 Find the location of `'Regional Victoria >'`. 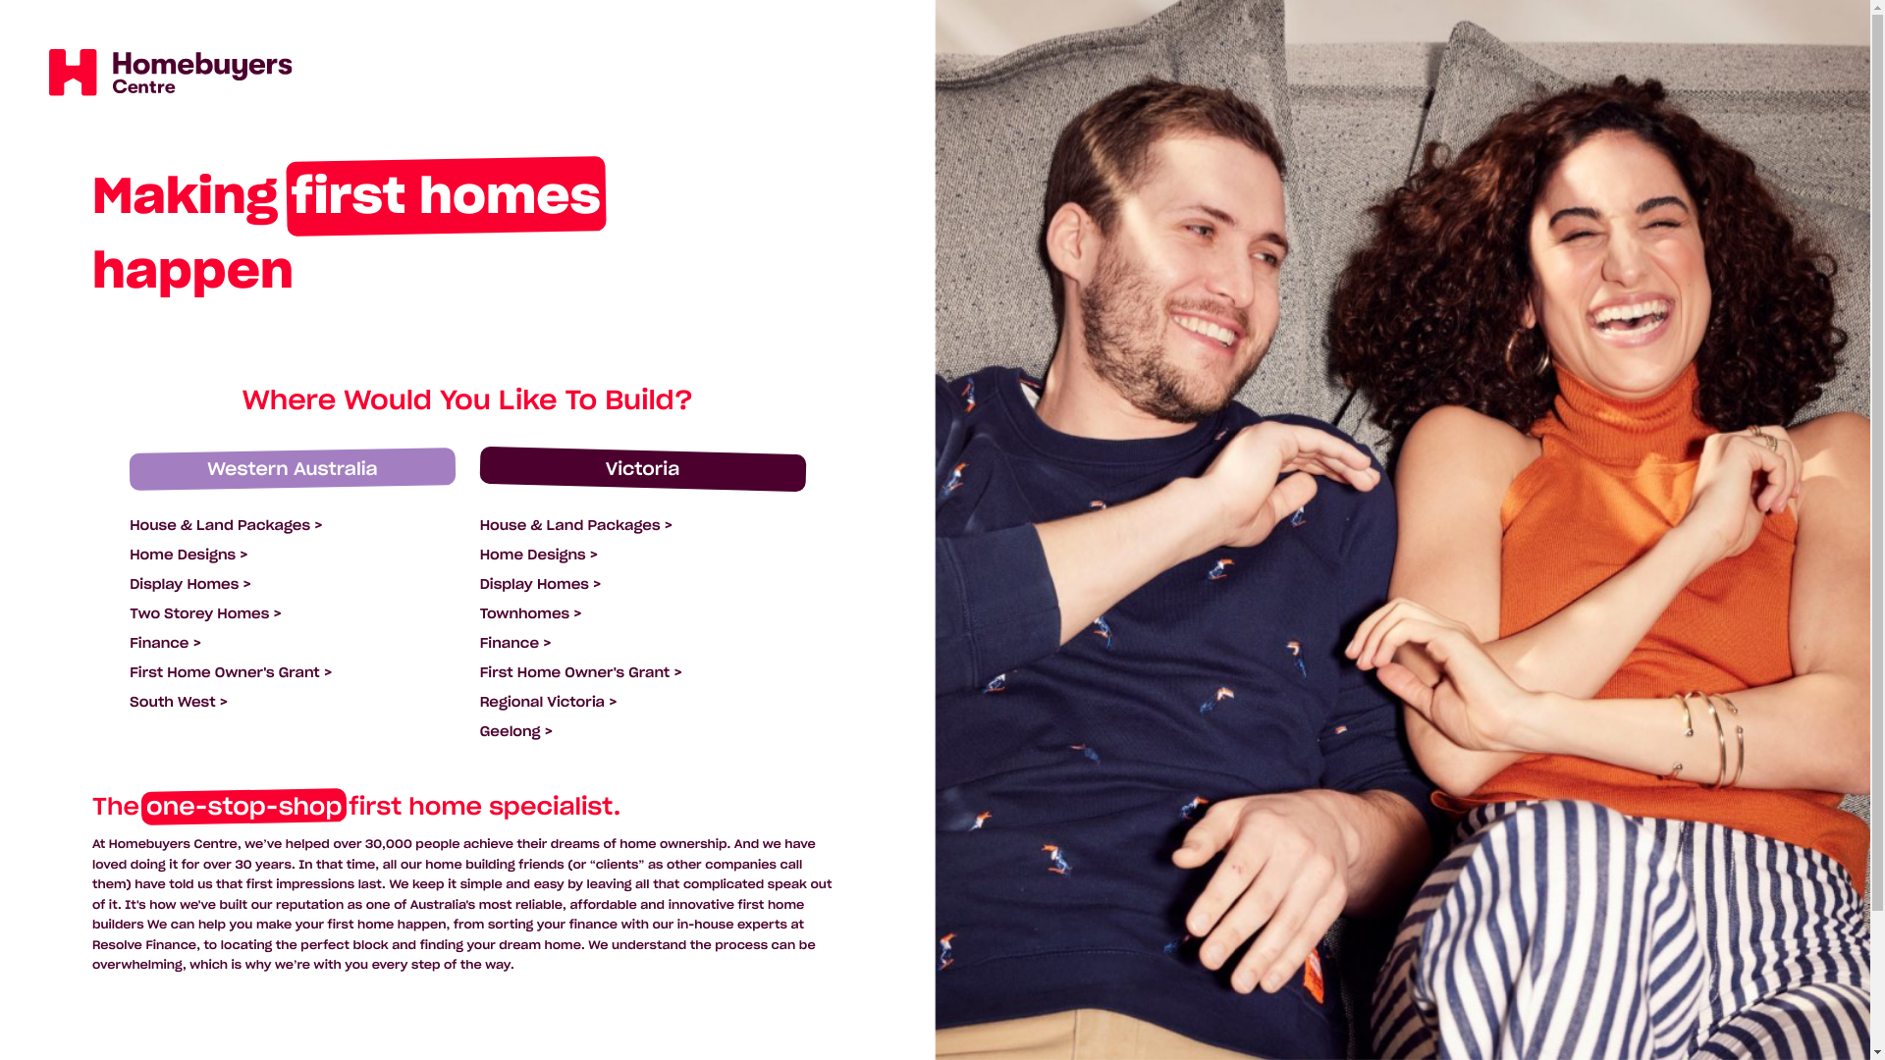

'Regional Victoria >' is located at coordinates (548, 700).